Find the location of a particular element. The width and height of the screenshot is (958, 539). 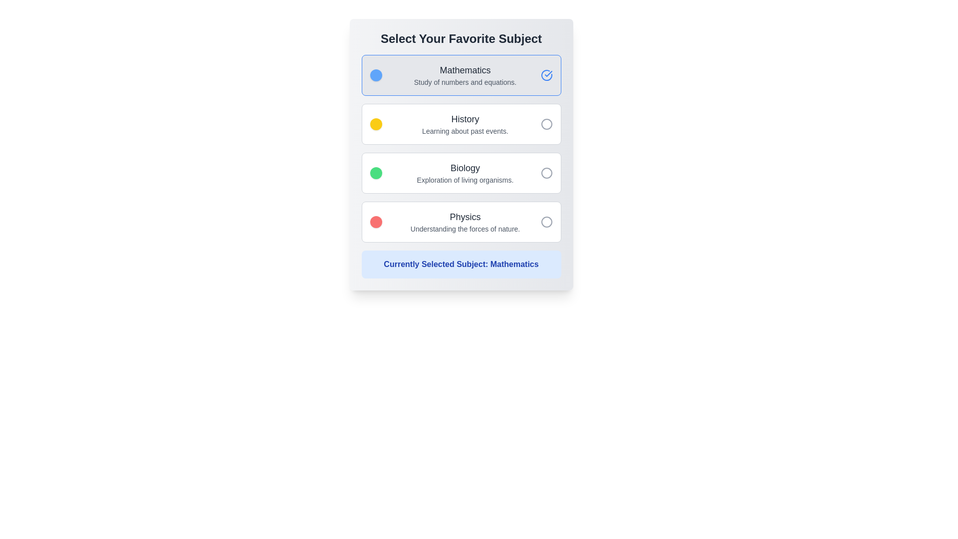

the descriptive text label that provides additional information about the 'Mathematics' category, positioned centrally beneath the title 'Mathematics' is located at coordinates (465, 82).